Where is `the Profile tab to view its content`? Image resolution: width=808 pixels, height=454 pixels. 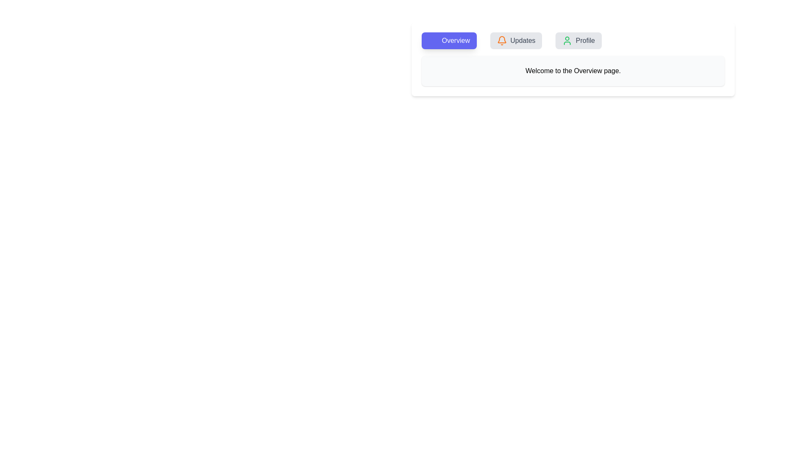
the Profile tab to view its content is located at coordinates (578, 40).